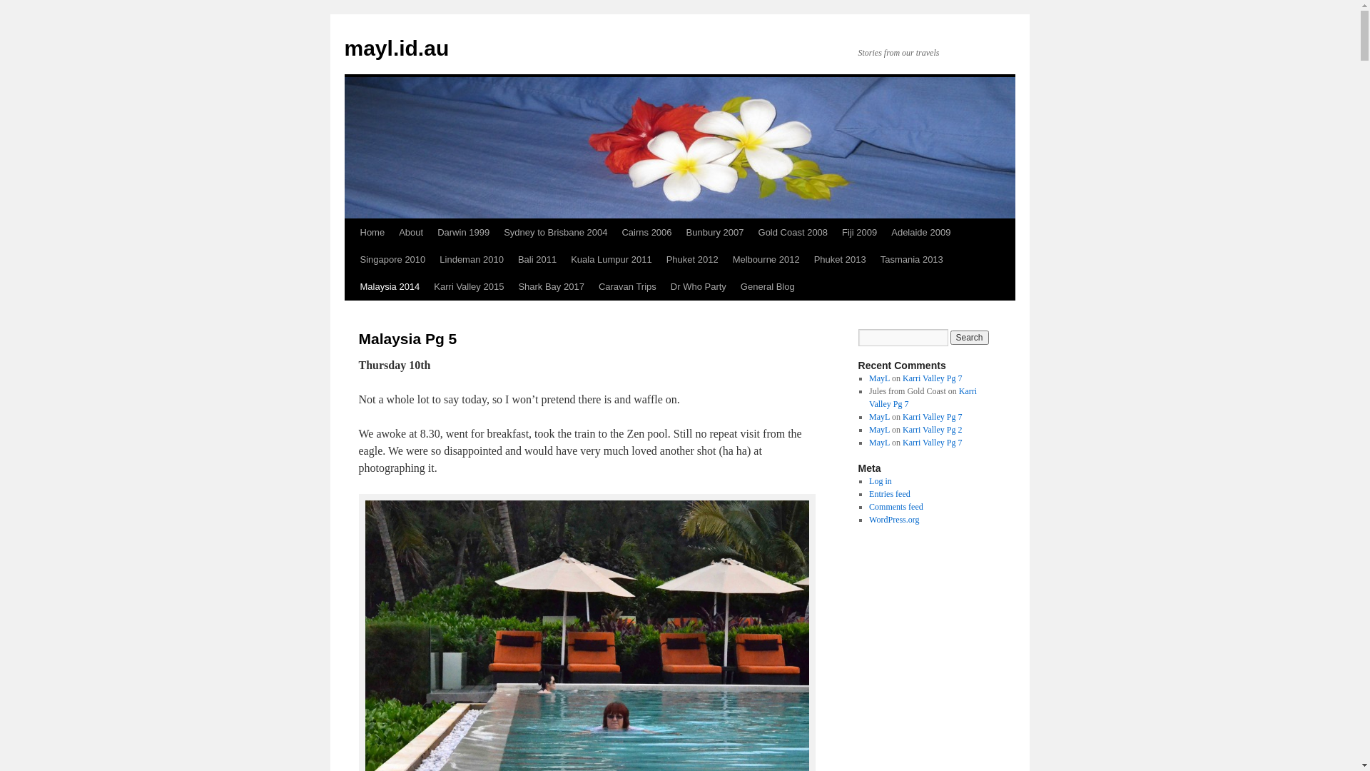  I want to click on 'Karri Valley 2015', so click(469, 286).